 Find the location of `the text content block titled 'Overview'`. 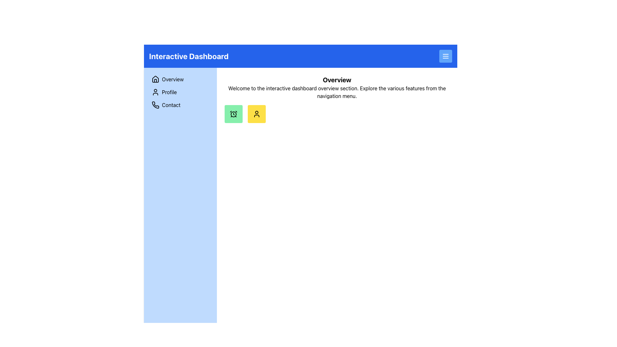

the text content block titled 'Overview' is located at coordinates (336, 99).